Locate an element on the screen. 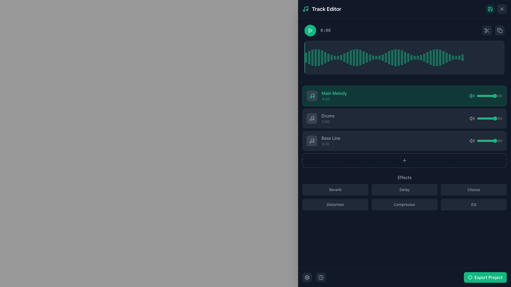 The height and width of the screenshot is (287, 511). the slider value is located at coordinates (493, 96).